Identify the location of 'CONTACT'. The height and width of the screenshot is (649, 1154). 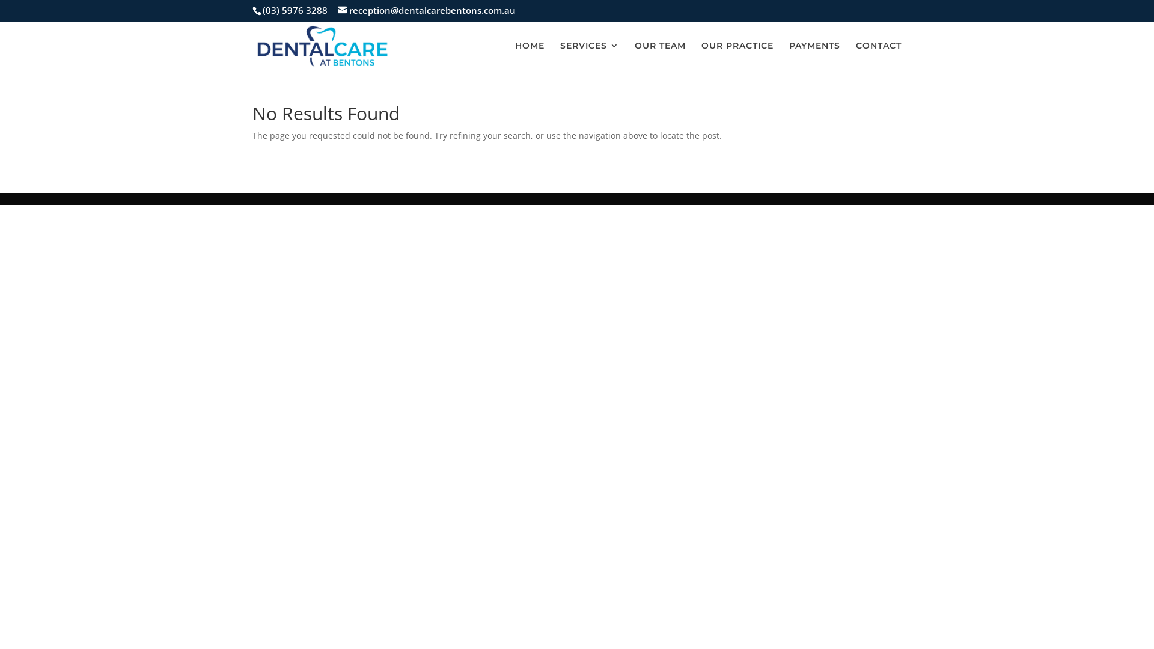
(879, 55).